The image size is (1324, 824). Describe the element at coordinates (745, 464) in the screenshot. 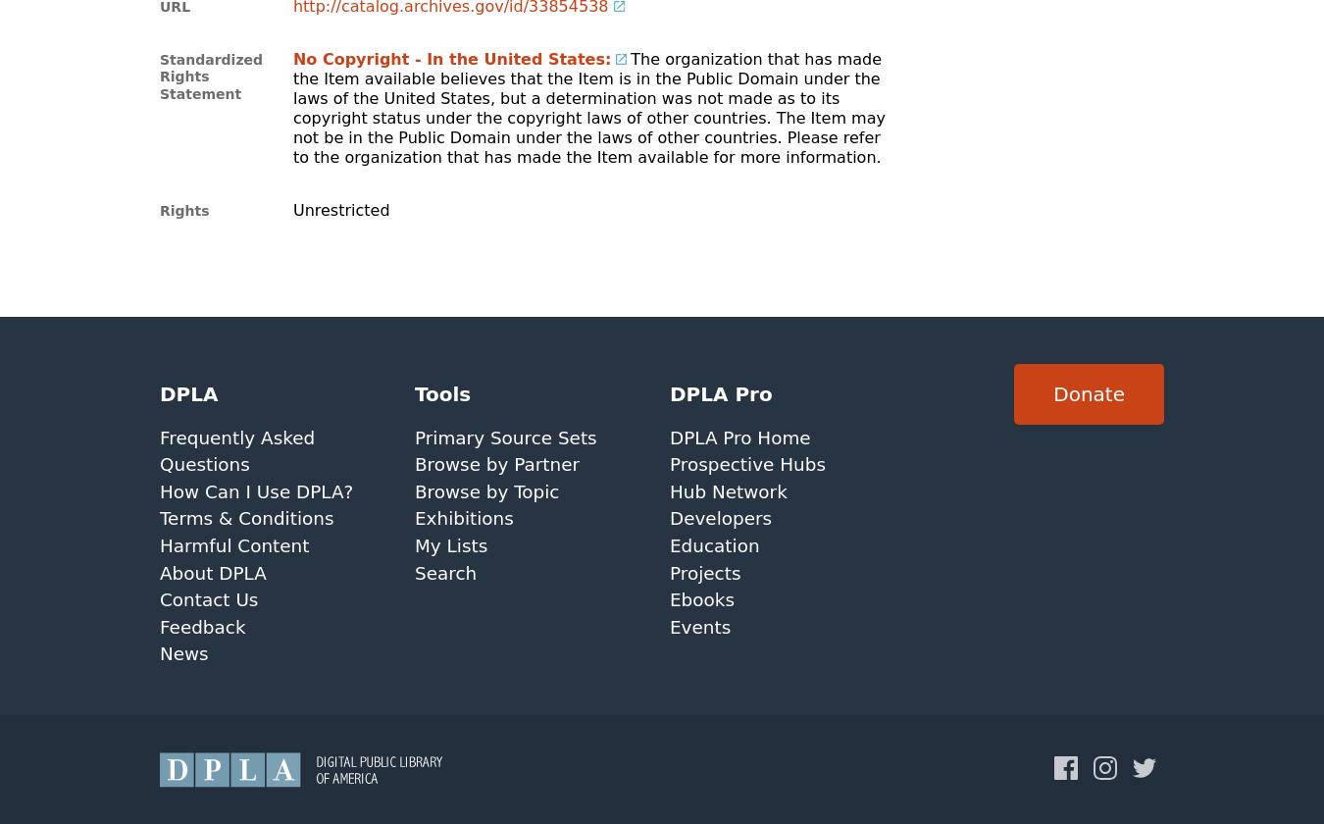

I see `'Prospective Hubs'` at that location.